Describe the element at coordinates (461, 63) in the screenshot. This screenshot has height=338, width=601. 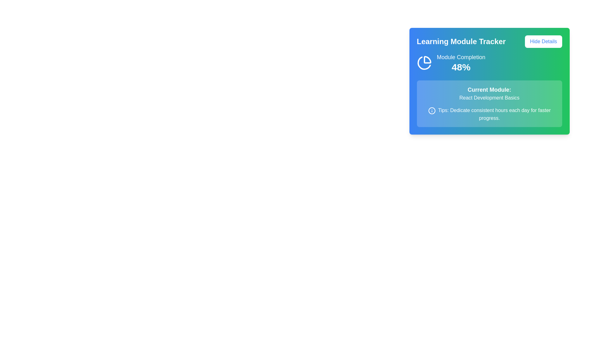
I see `displayed completion percentage from the Composite UI element located in the top-right quadrant of the 'Learning Module Tracker' card, positioned to the right of the clock icon and above the current module details box` at that location.